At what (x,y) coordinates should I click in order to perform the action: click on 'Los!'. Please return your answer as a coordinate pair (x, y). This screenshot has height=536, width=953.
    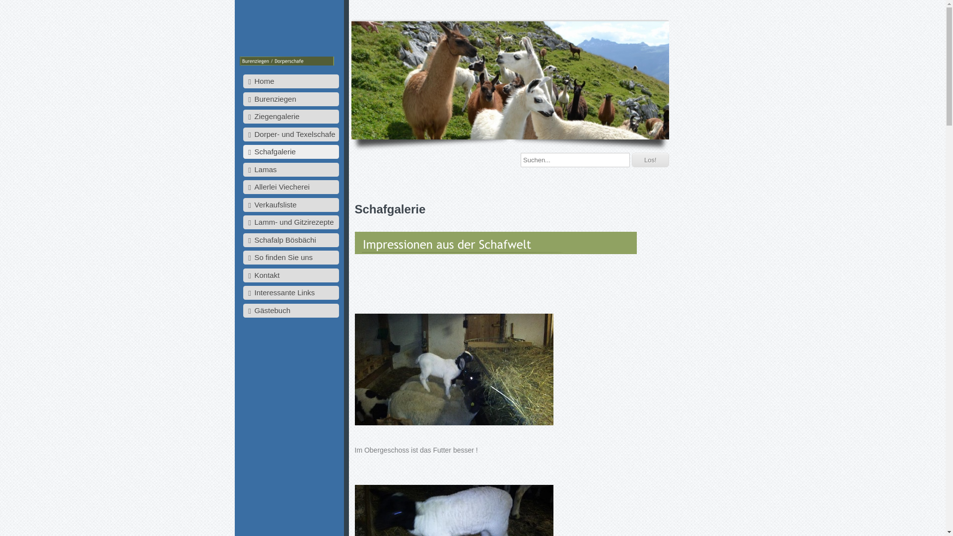
    Looking at the image, I should click on (650, 159).